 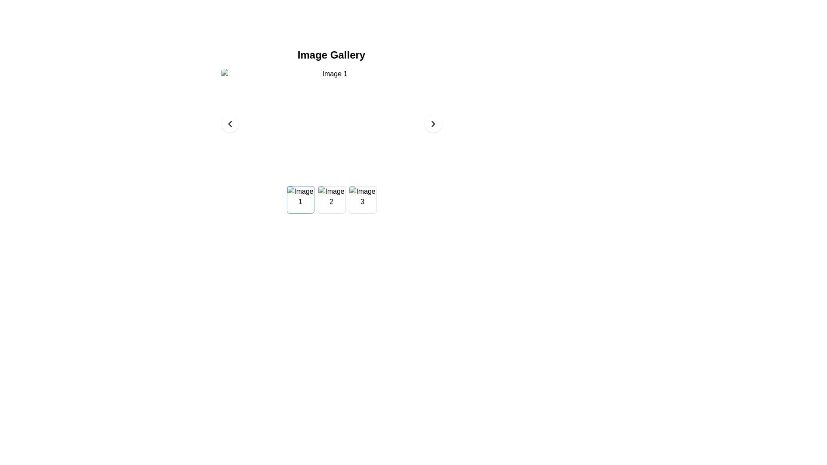 What do you see at coordinates (362, 199) in the screenshot?
I see `the selectable thumbnail image in the third position of the row` at bounding box center [362, 199].